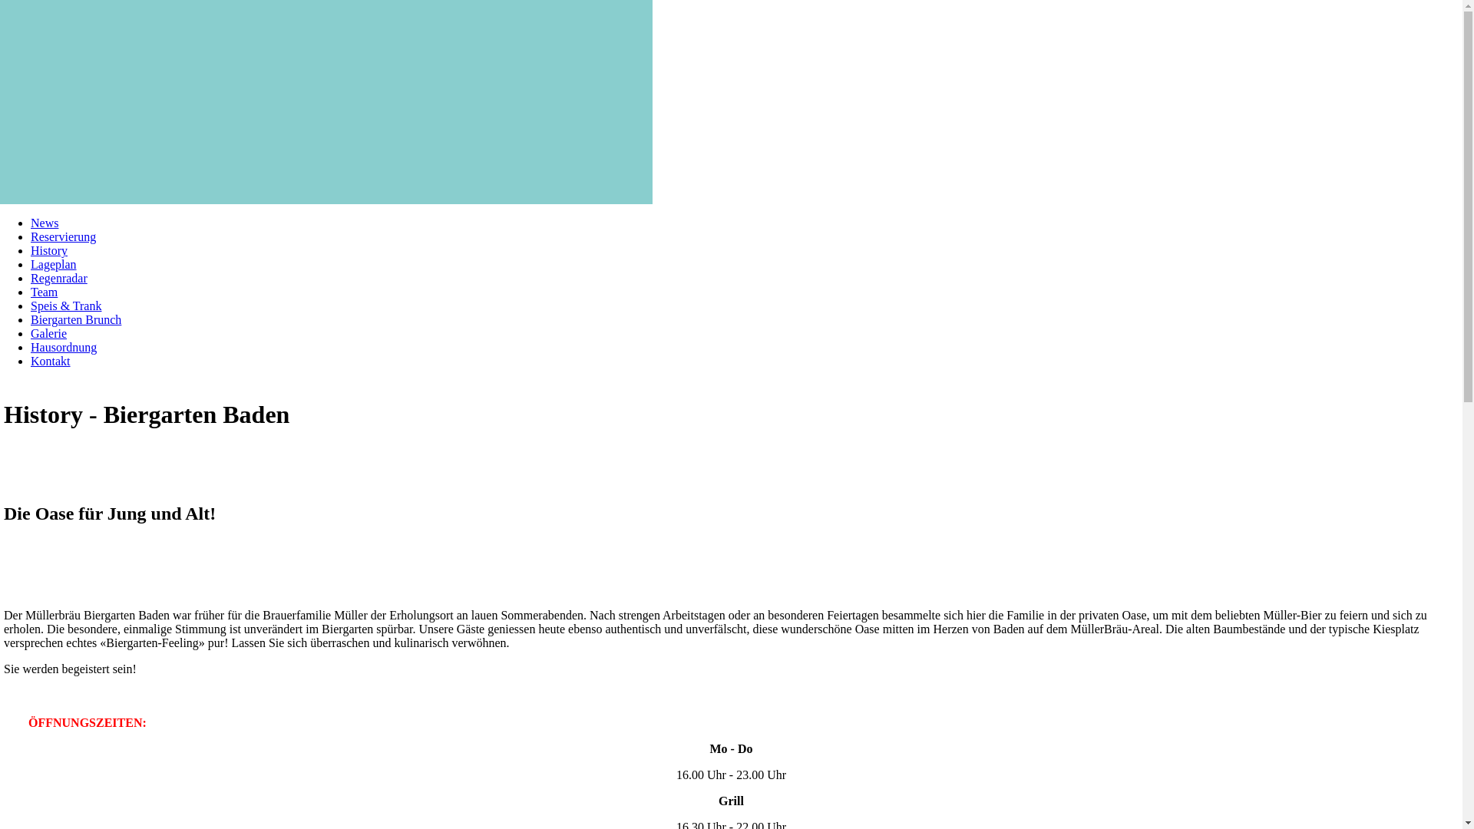 The image size is (1474, 829). Describe the element at coordinates (44, 223) in the screenshot. I see `'News'` at that location.